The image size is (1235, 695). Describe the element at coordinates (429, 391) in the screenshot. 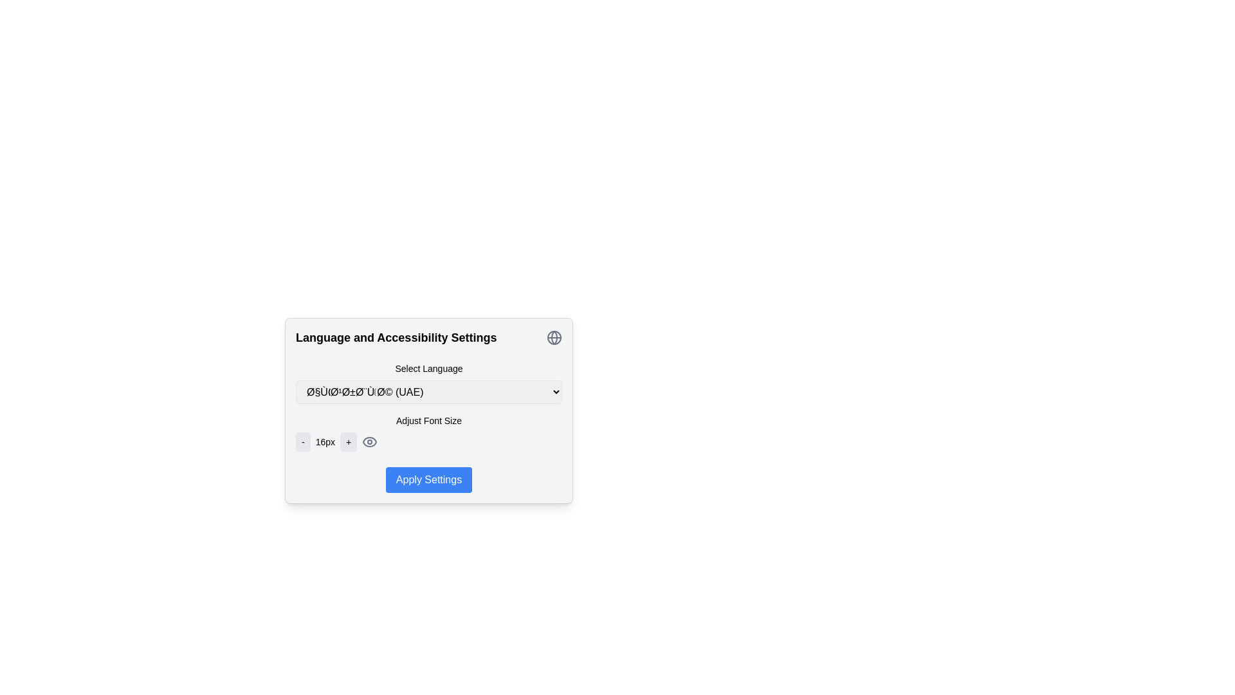

I see `the dropdown menu labeled 'Select Language'` at that location.